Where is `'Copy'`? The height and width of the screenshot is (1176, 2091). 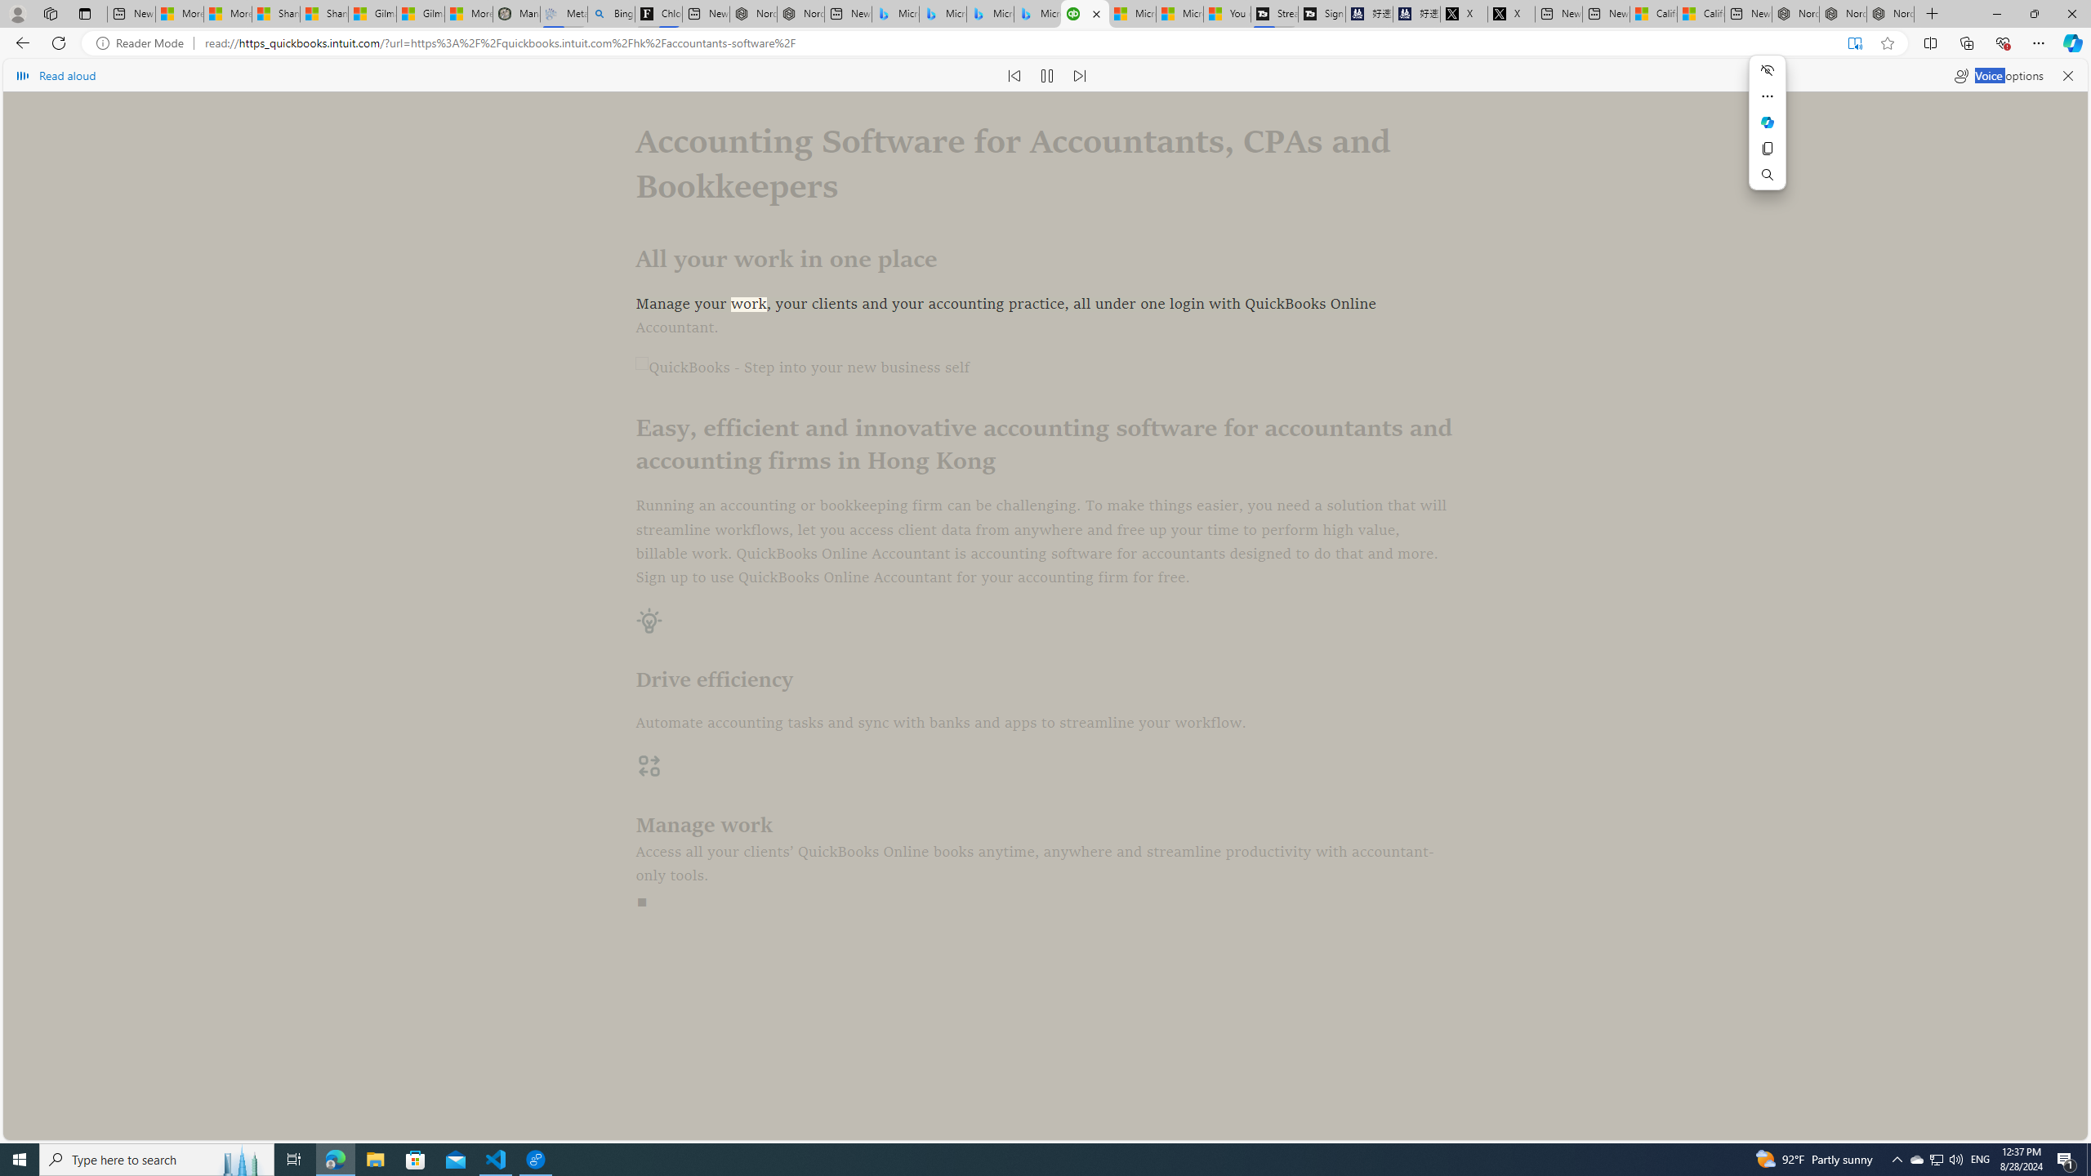
'Copy' is located at coordinates (1768, 148).